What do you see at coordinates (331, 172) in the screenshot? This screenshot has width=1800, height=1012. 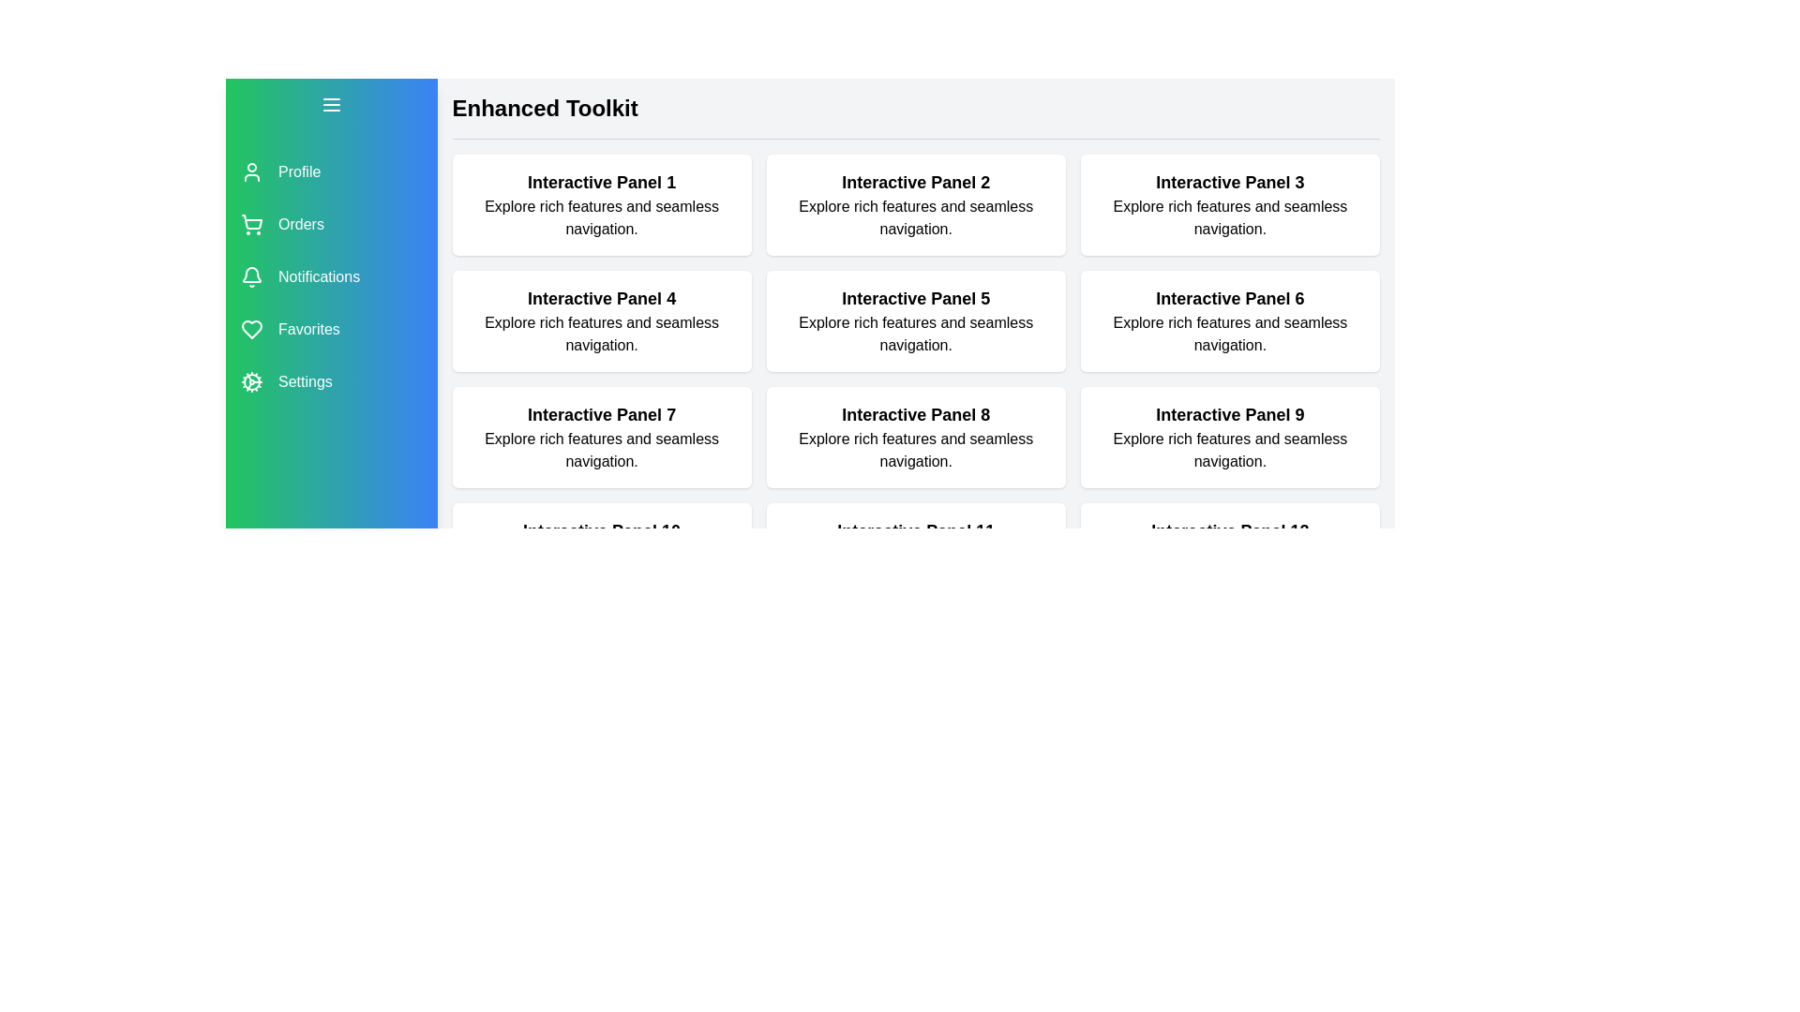 I see `the menu item labeled Profile` at bounding box center [331, 172].